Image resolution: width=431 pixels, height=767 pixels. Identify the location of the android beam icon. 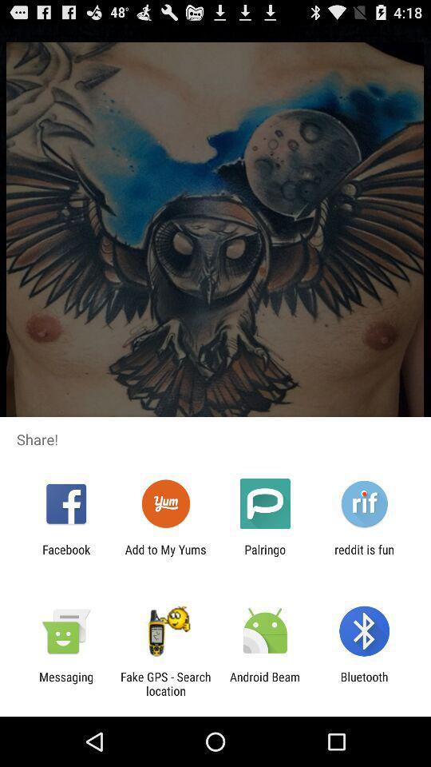
(265, 683).